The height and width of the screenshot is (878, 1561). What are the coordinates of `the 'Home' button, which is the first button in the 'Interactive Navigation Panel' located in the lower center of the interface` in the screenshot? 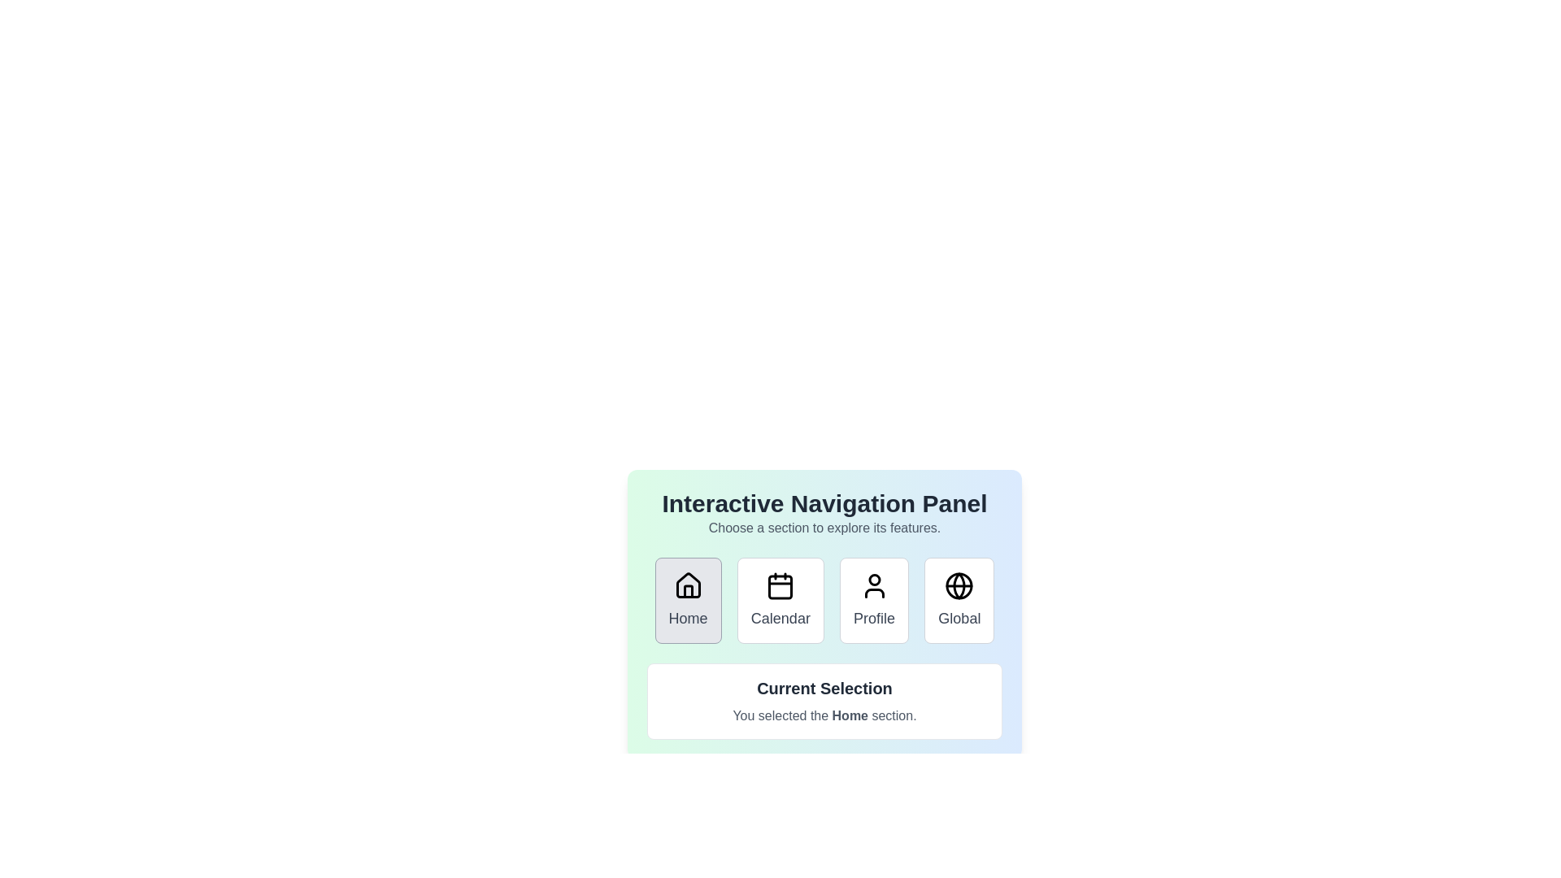 It's located at (688, 601).